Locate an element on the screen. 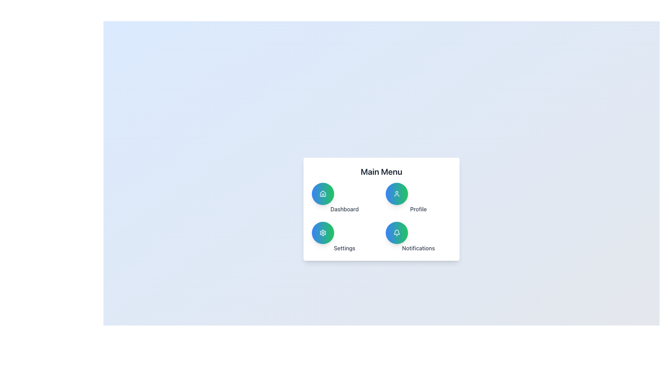 Image resolution: width=669 pixels, height=376 pixels. the 'Dashboard' label element, which is styled in gray and positioned under the home icon in the quadrant-like menu is located at coordinates (344, 209).